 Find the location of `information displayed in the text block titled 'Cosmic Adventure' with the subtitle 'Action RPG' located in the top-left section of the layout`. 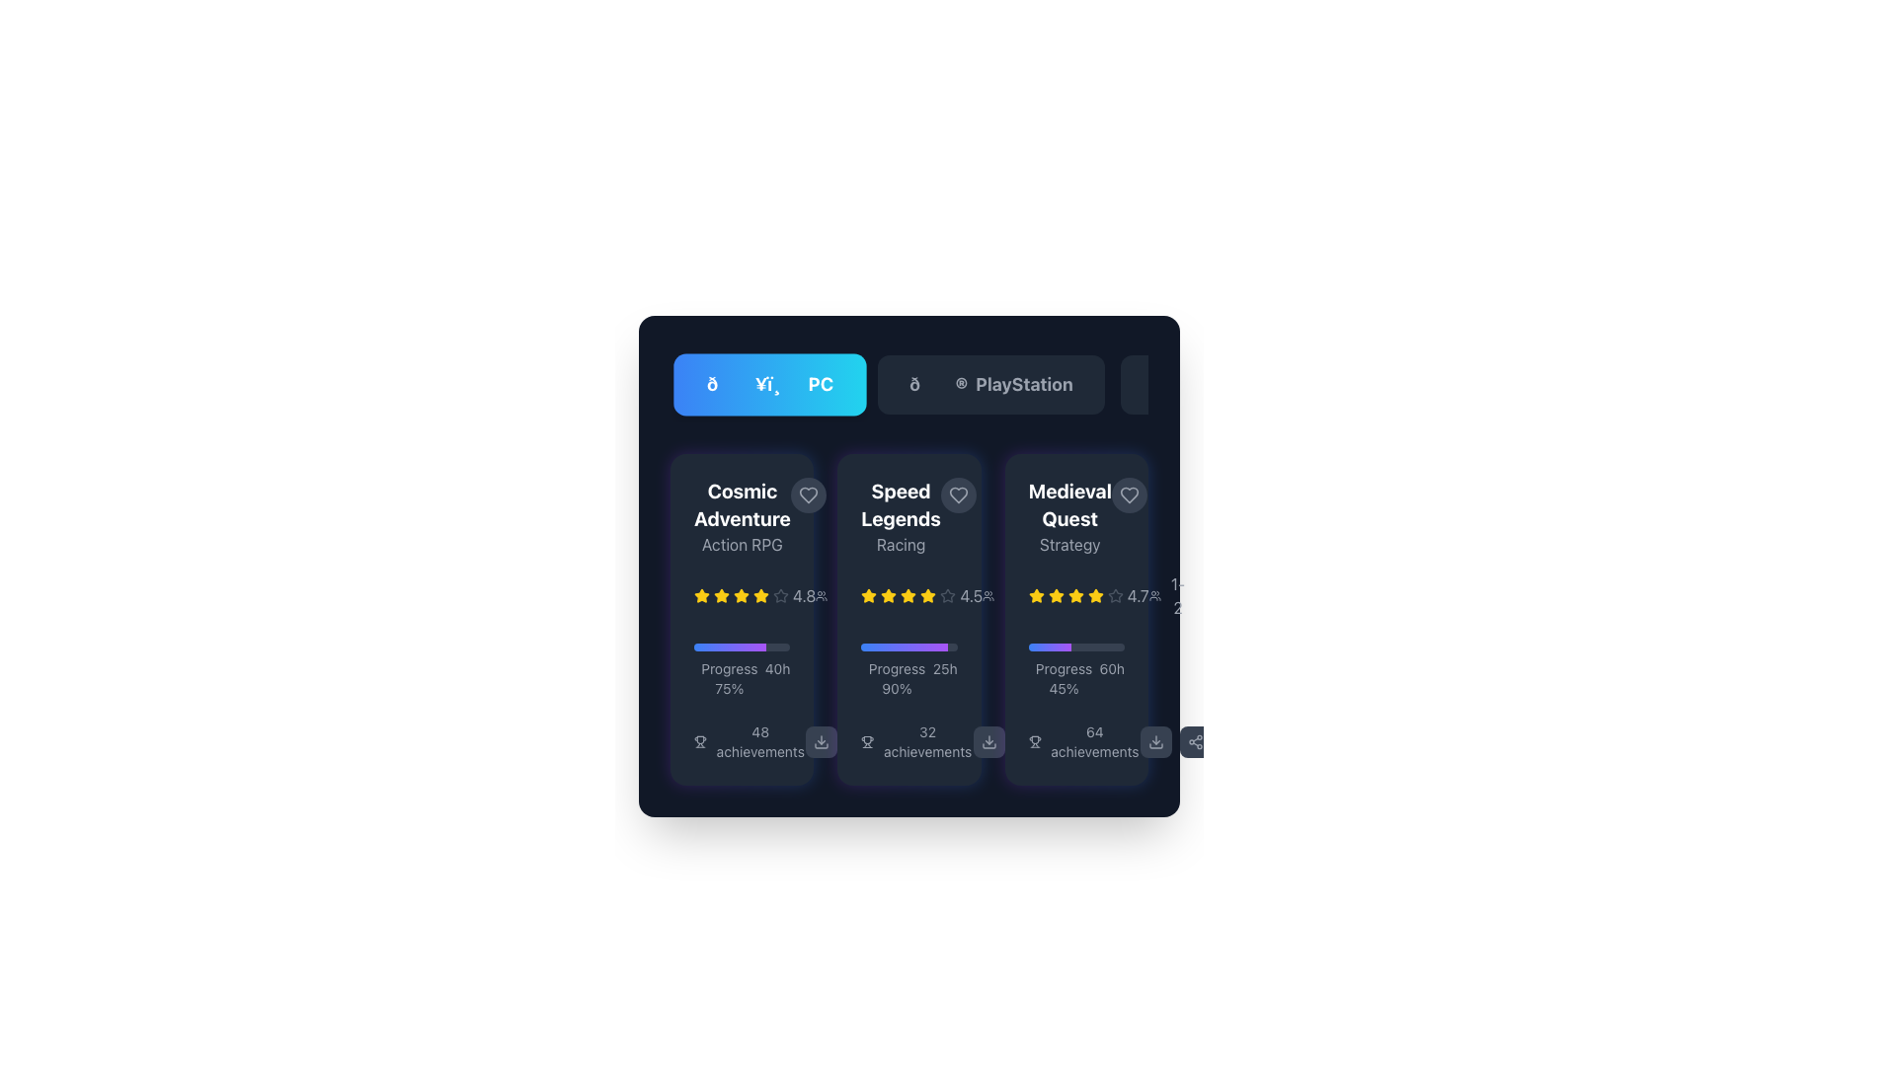

information displayed in the text block titled 'Cosmic Adventure' with the subtitle 'Action RPG' located in the top-left section of the layout is located at coordinates (741, 516).